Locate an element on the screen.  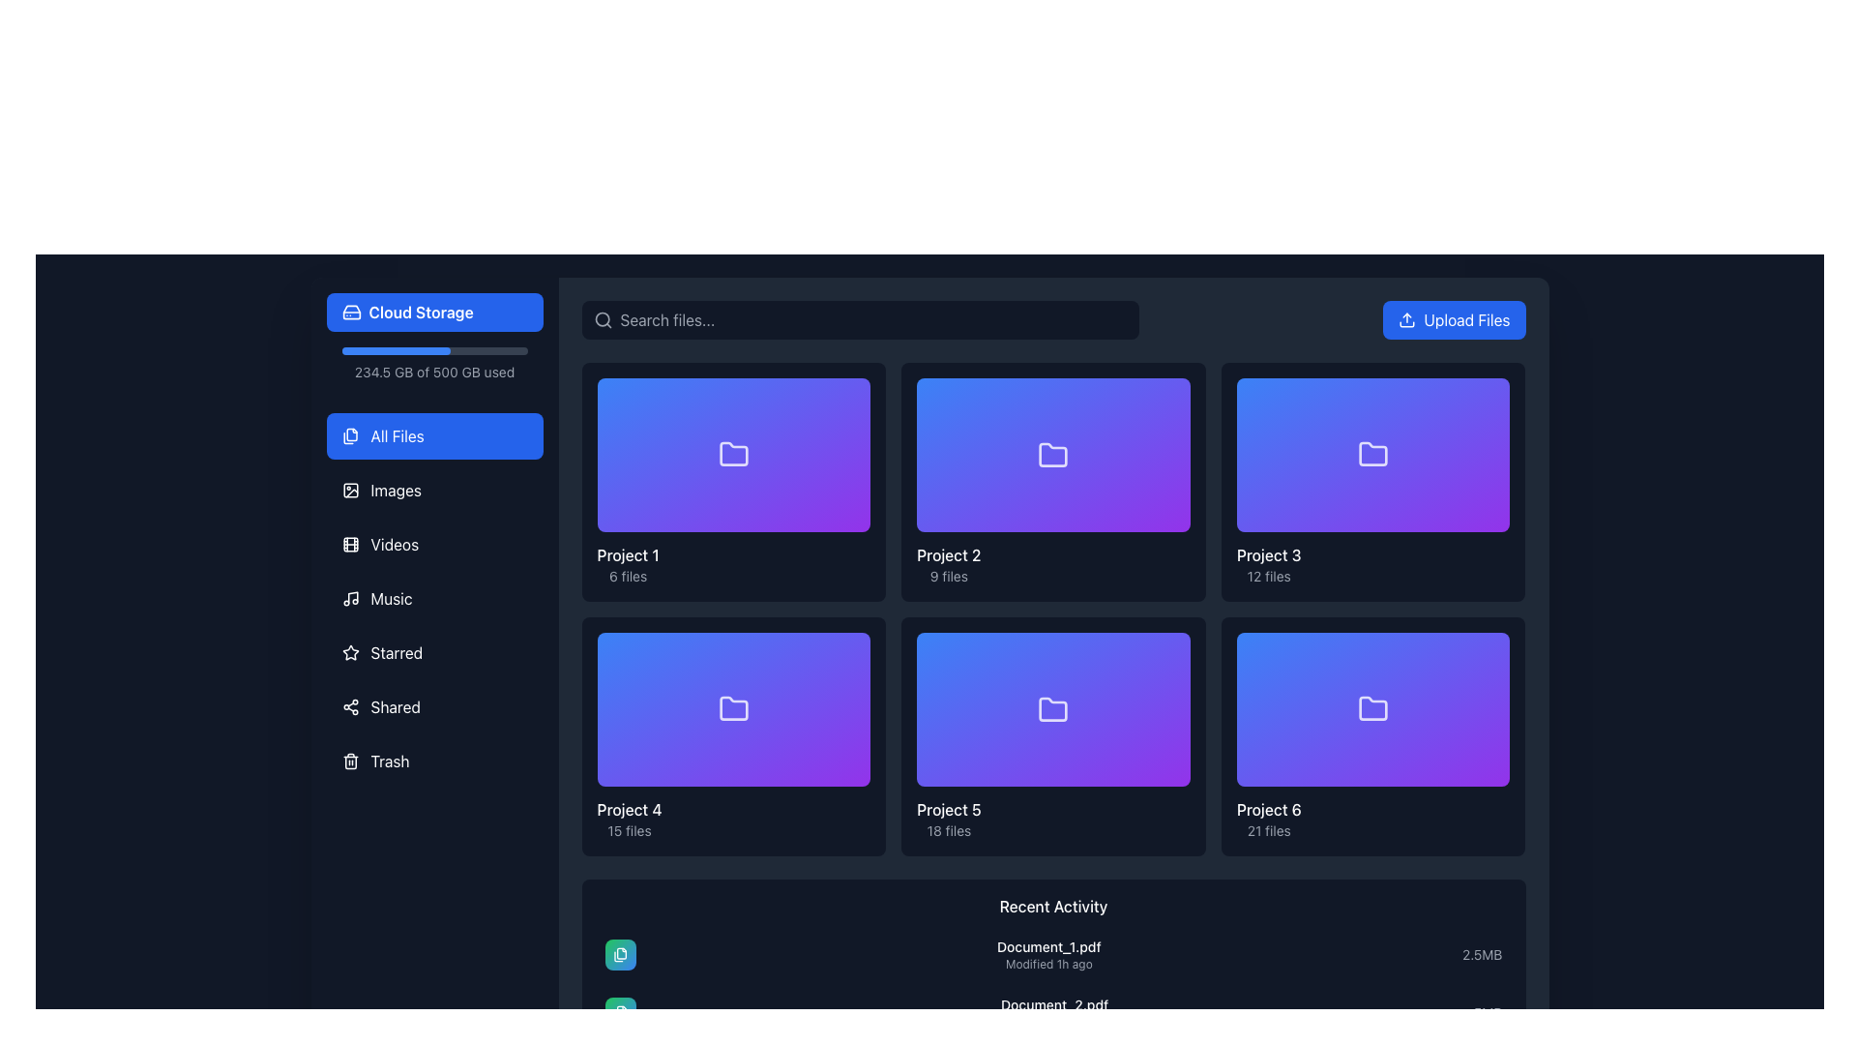
the folder icon is located at coordinates (1052, 709).